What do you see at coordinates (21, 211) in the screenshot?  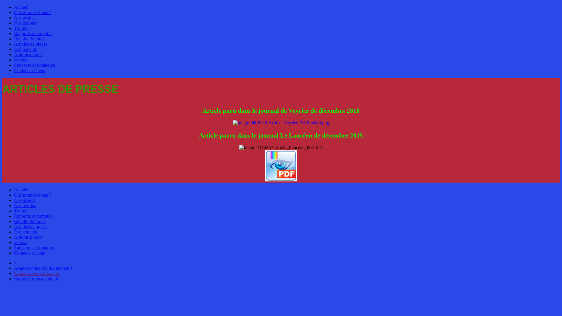 I see `'Traiteur'` at bounding box center [21, 211].